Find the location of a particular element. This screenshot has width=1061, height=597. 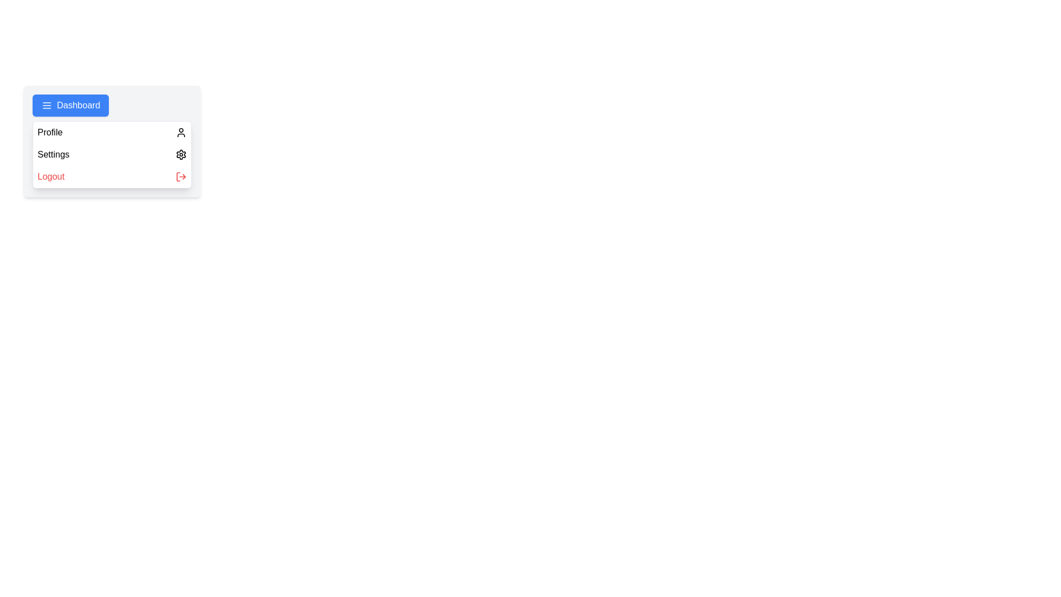

the 'Profile' menu item is located at coordinates (112, 132).